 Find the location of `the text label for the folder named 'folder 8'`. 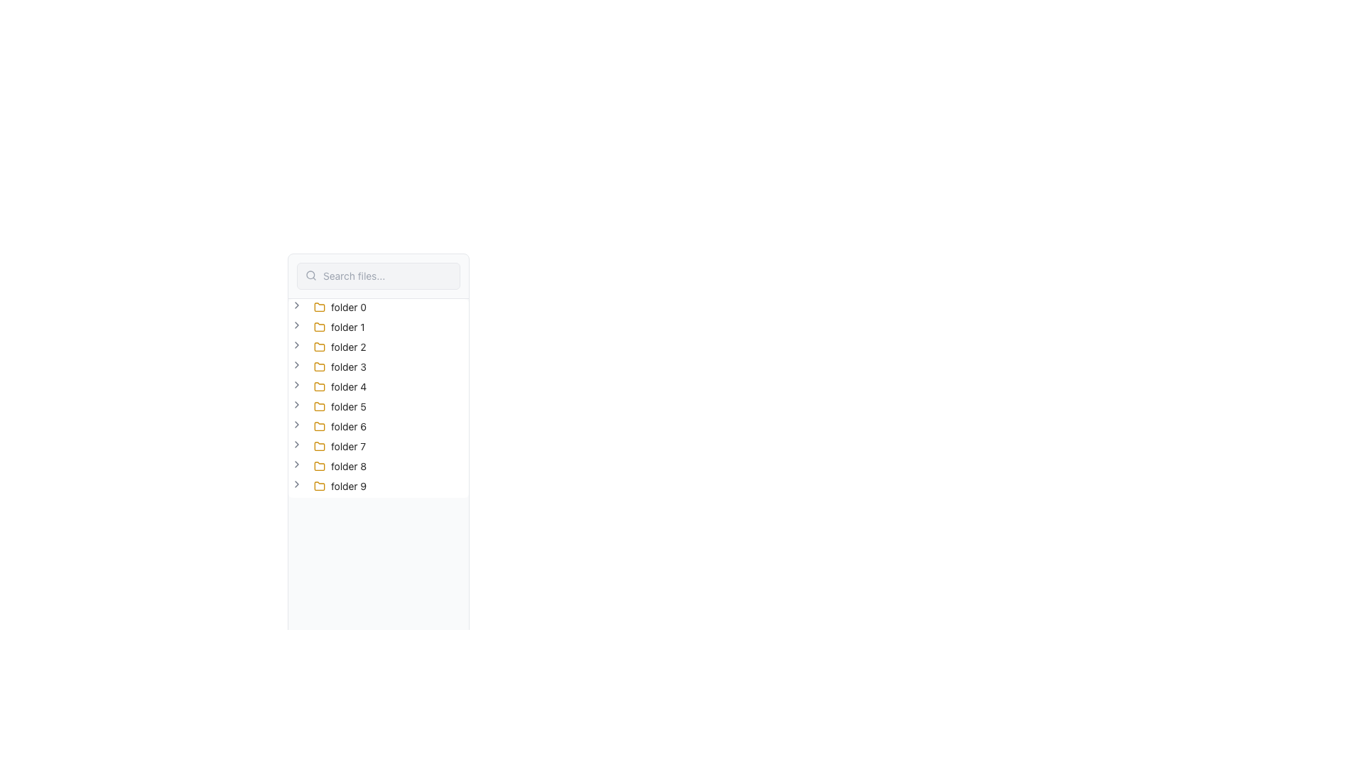

the text label for the folder named 'folder 8' is located at coordinates (349, 466).